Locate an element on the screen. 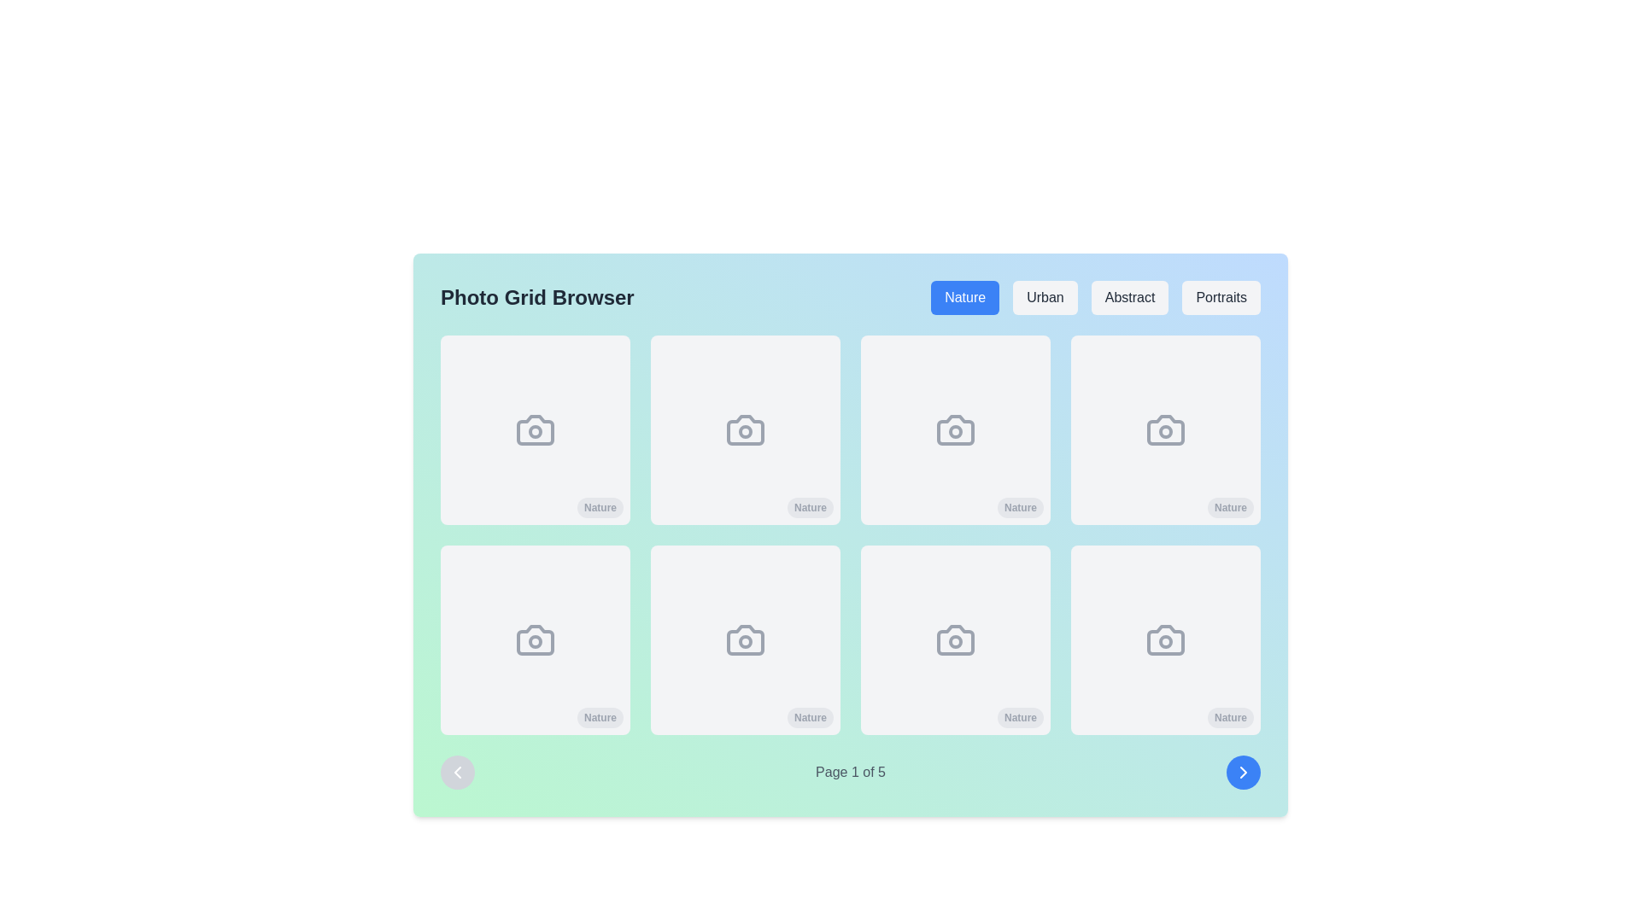 The height and width of the screenshot is (922, 1640). the Image grid cell with a camera icon and 'Nature' label positioned in the second row and third column of the grid layout is located at coordinates (954, 429).